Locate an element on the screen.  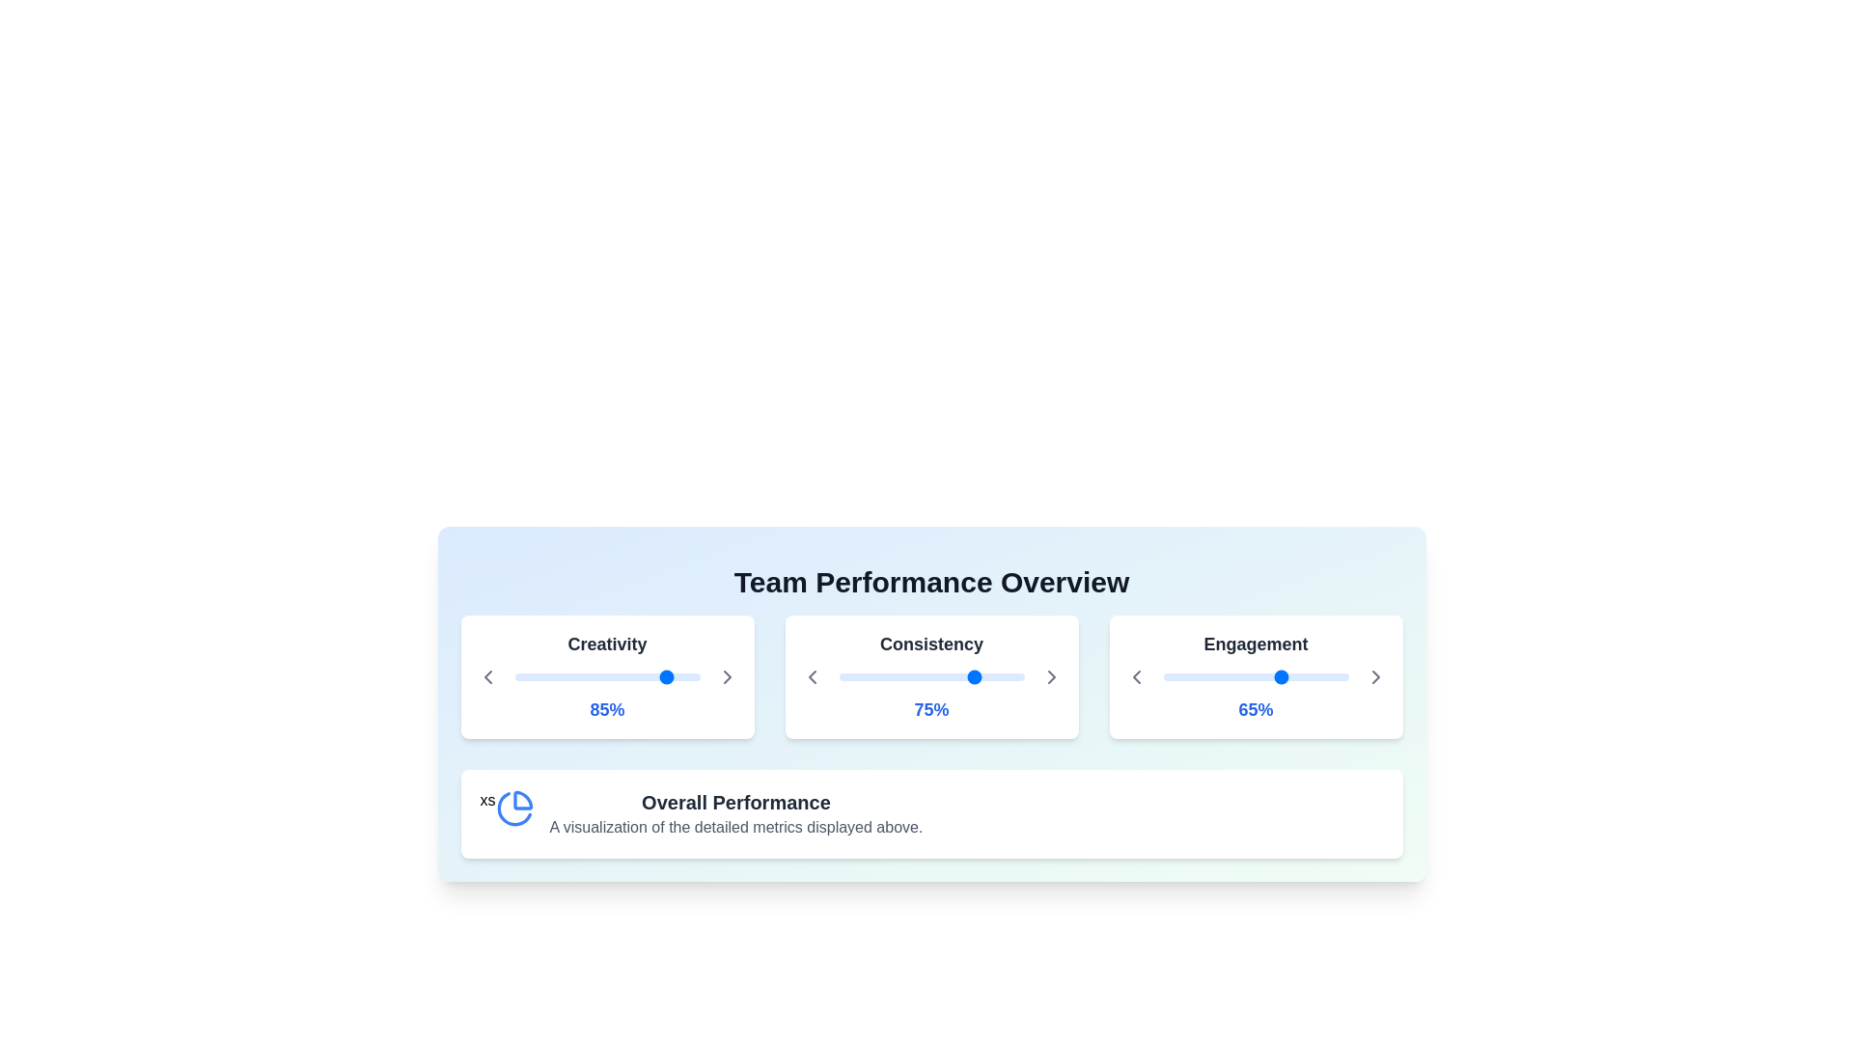
the textual label that reads 'A visualization of the detailed metrics displayed above.', which is positioned beneath the 'Overall Performance' heading is located at coordinates (735, 826).